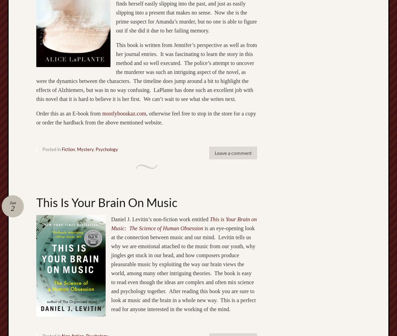 The height and width of the screenshot is (336, 397). Describe the element at coordinates (124, 113) in the screenshot. I see `'mostlybooskaz.com'` at that location.